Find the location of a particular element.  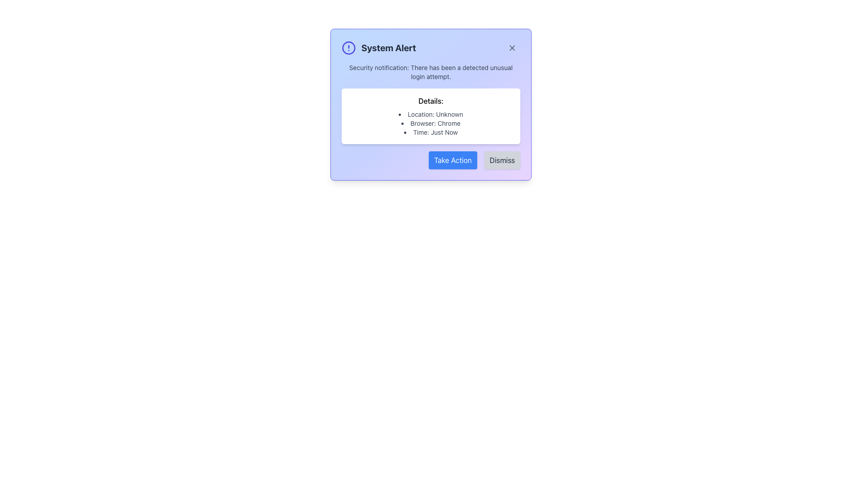

the 'Take Action' button located in the bottom-right corner of the security alert panel to proceed to the security response page is located at coordinates (431, 160).